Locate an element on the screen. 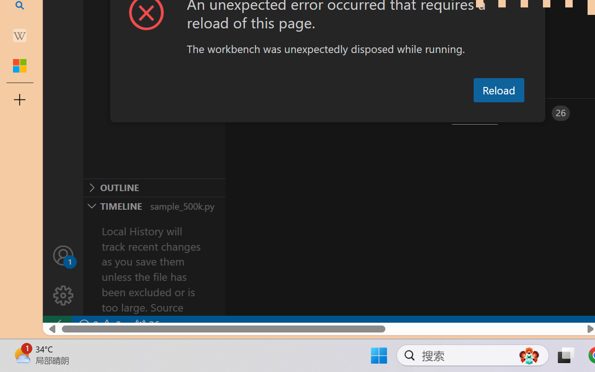  'Timeline Section' is located at coordinates (154, 205).